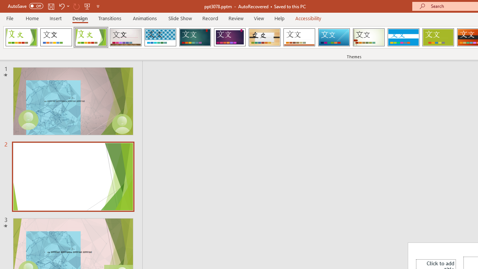  Describe the element at coordinates (403, 37) in the screenshot. I see `'Banded'` at that location.